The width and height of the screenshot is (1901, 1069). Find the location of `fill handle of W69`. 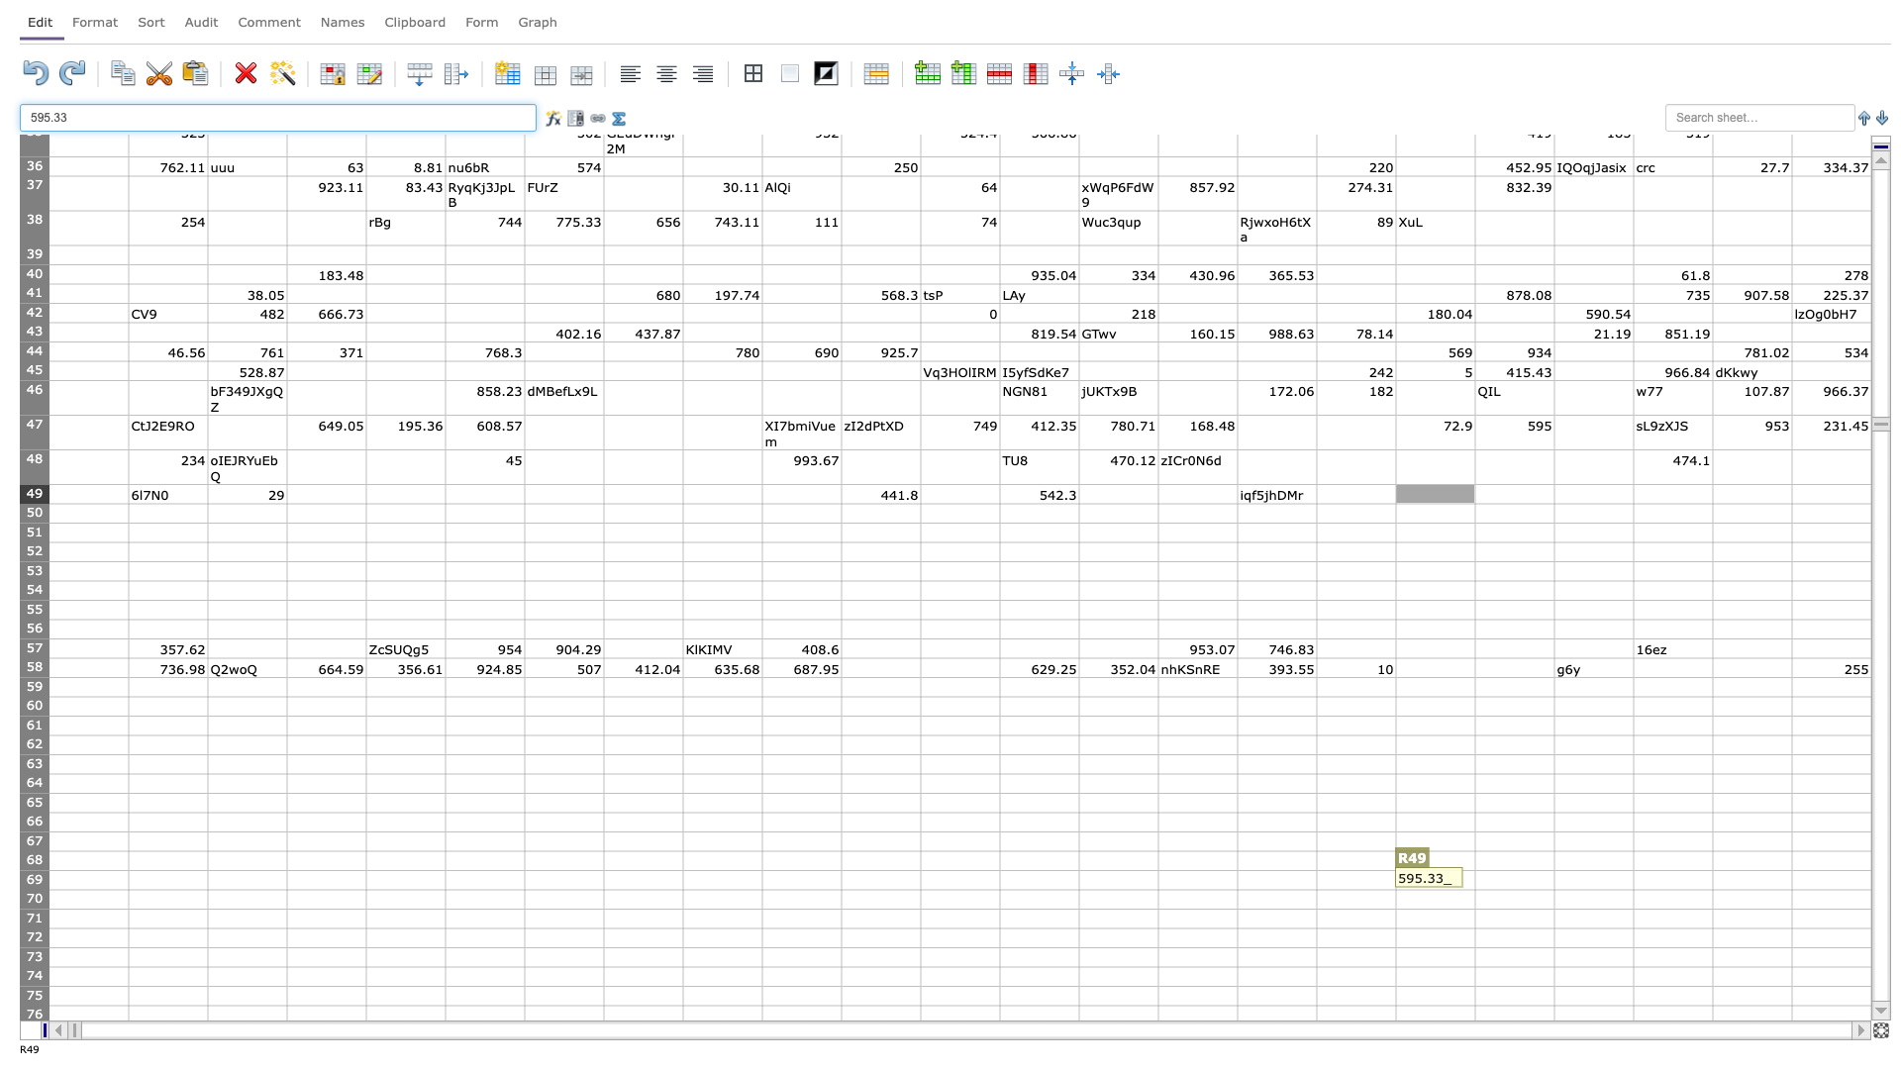

fill handle of W69 is located at coordinates (1870, 888).